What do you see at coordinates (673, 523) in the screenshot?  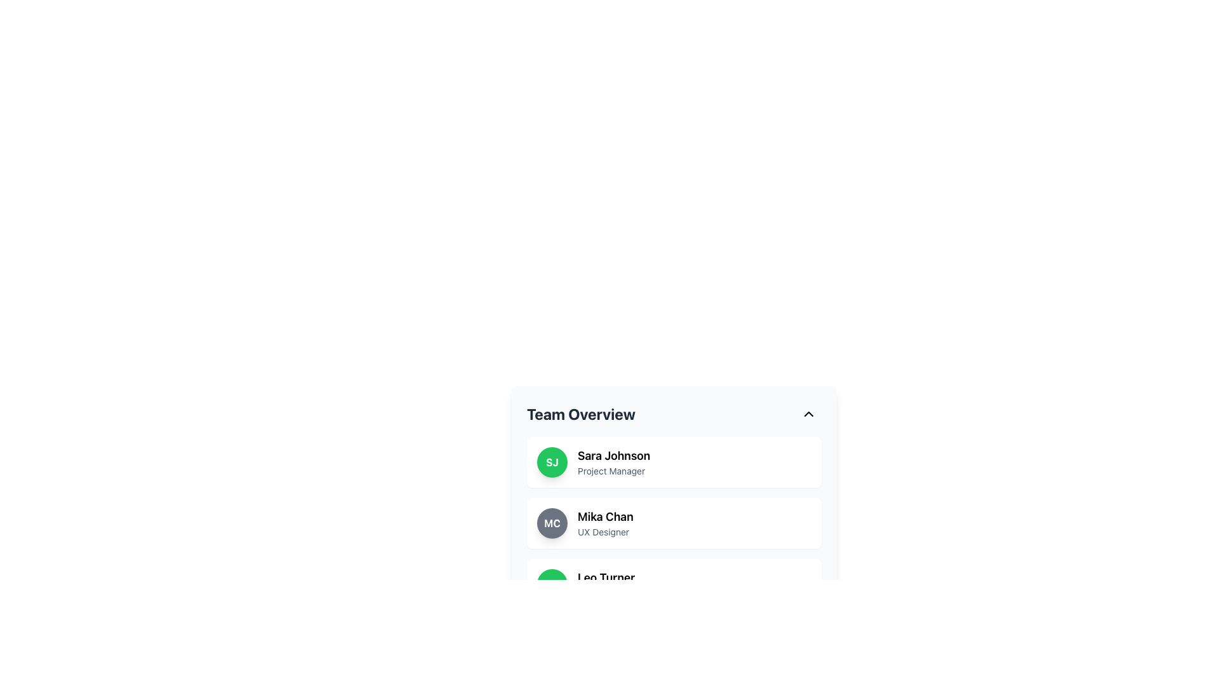 I see `the second List item card representing an individual team member in the 'Team Overview' section to trigger a hover effect` at bounding box center [673, 523].